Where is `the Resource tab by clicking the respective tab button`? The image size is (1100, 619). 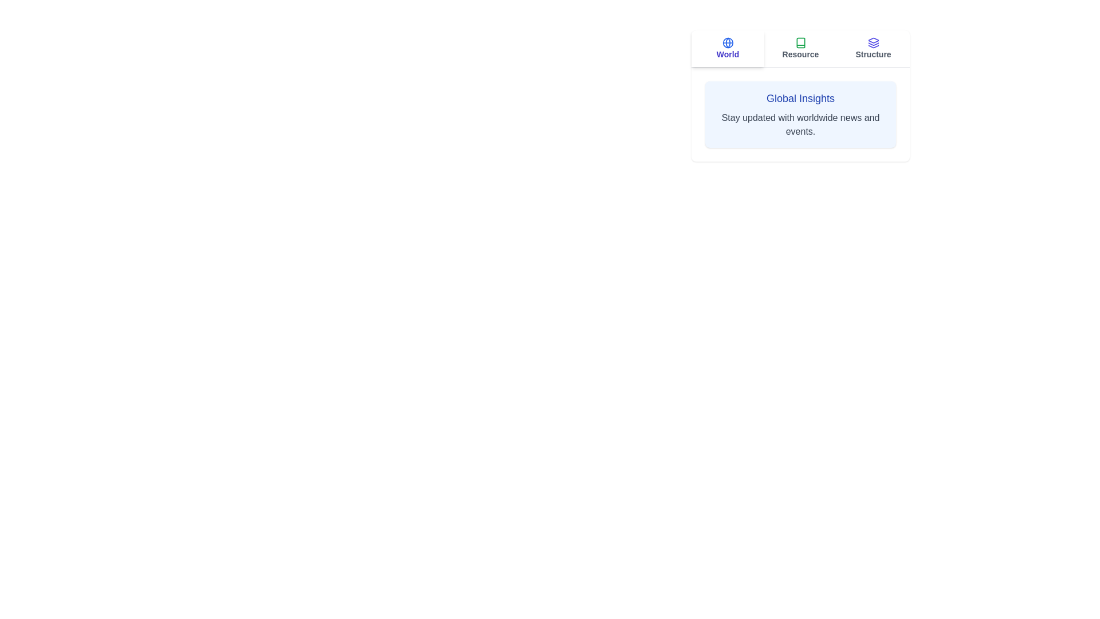
the Resource tab by clicking the respective tab button is located at coordinates (800, 48).